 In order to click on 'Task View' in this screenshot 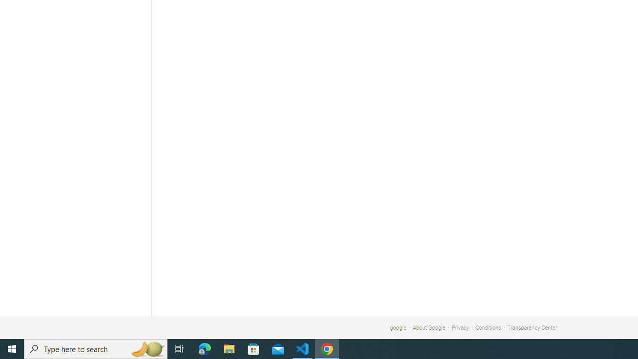, I will do `click(179, 348)`.